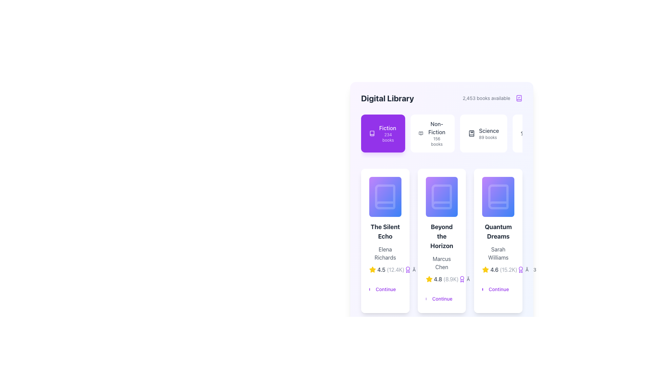 The width and height of the screenshot is (651, 366). What do you see at coordinates (388, 133) in the screenshot?
I see `the 'Fiction' category display element, which features bold text on top and smaller text below, set against a purple background` at bounding box center [388, 133].